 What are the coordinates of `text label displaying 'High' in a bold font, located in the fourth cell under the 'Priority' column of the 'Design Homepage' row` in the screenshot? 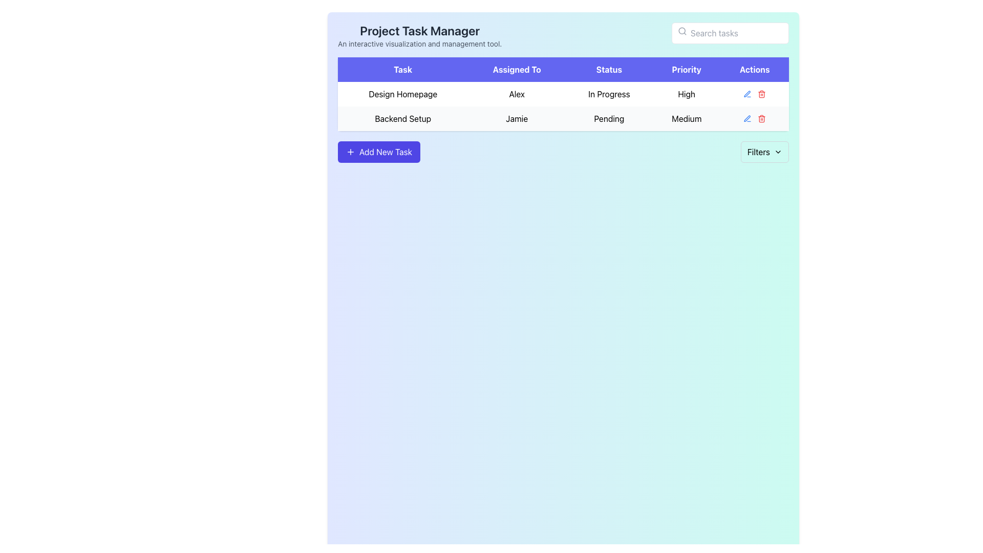 It's located at (687, 94).